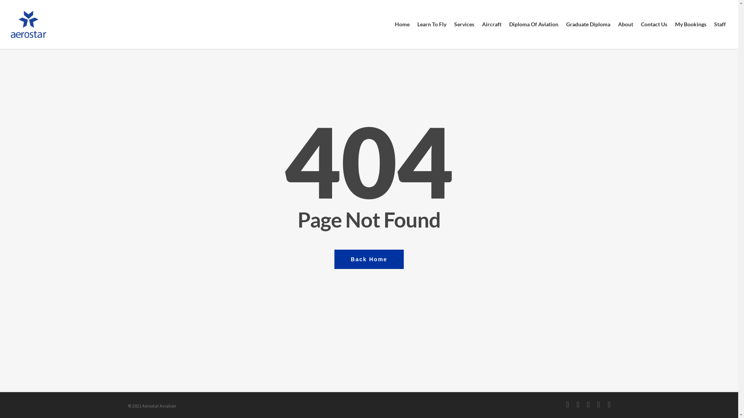  I want to click on 'My Bookings', so click(691, 24).